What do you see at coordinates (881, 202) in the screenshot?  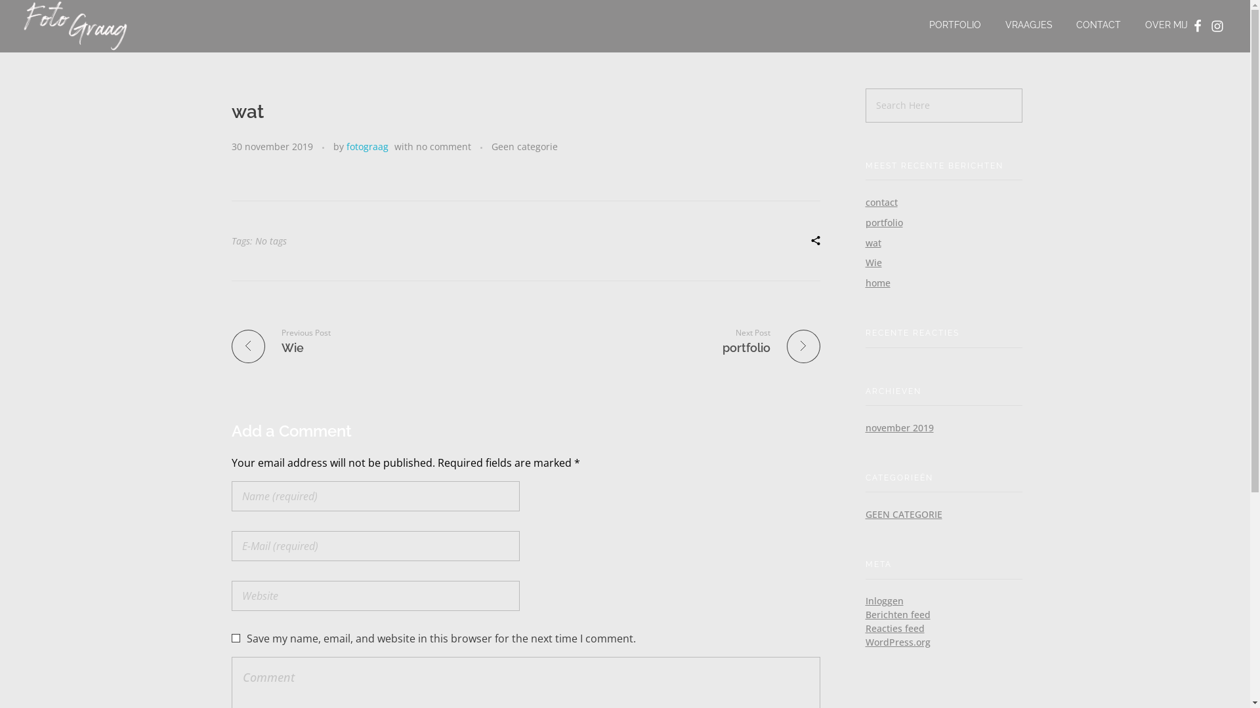 I see `'contact'` at bounding box center [881, 202].